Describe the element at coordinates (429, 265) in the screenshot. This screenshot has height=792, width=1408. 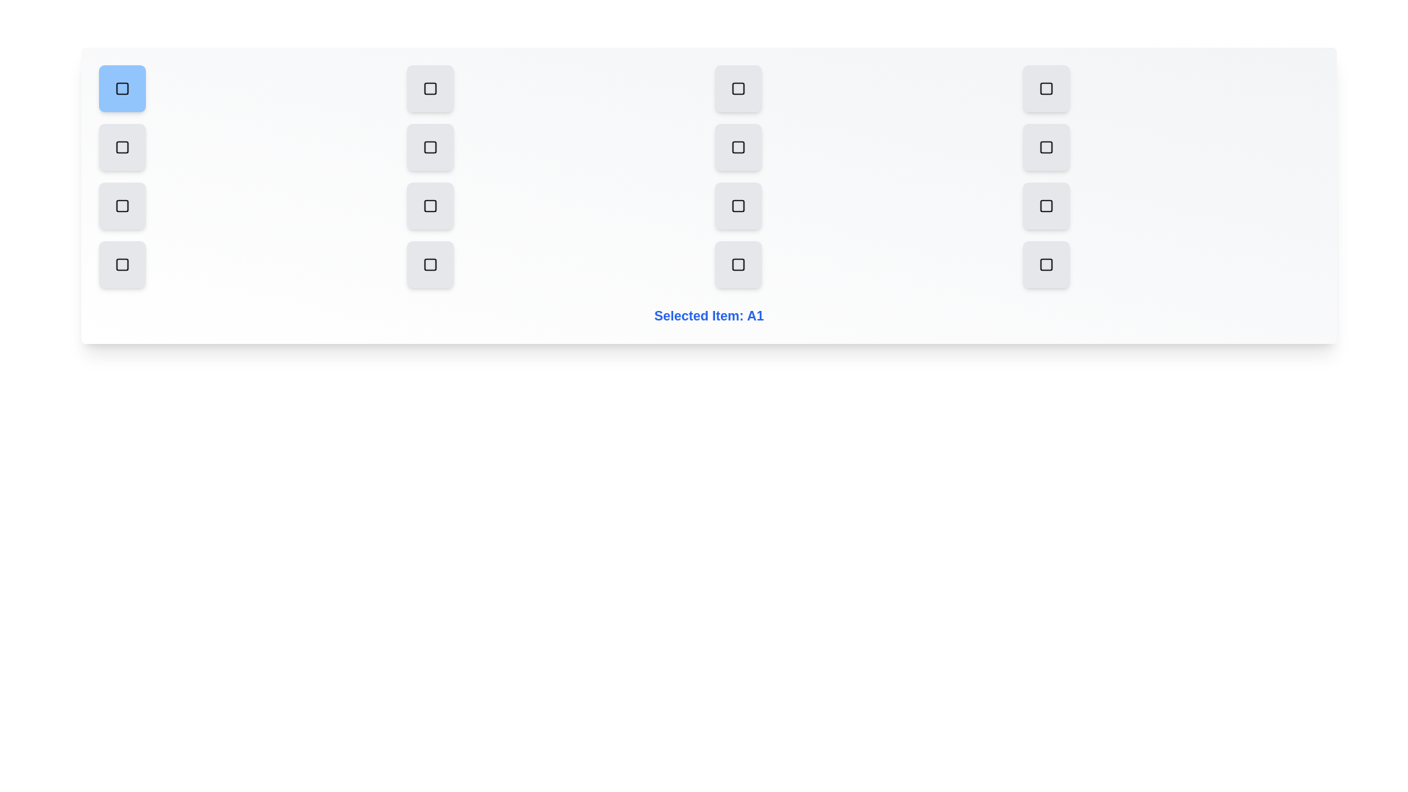
I see `the grid item D2 to select it` at that location.